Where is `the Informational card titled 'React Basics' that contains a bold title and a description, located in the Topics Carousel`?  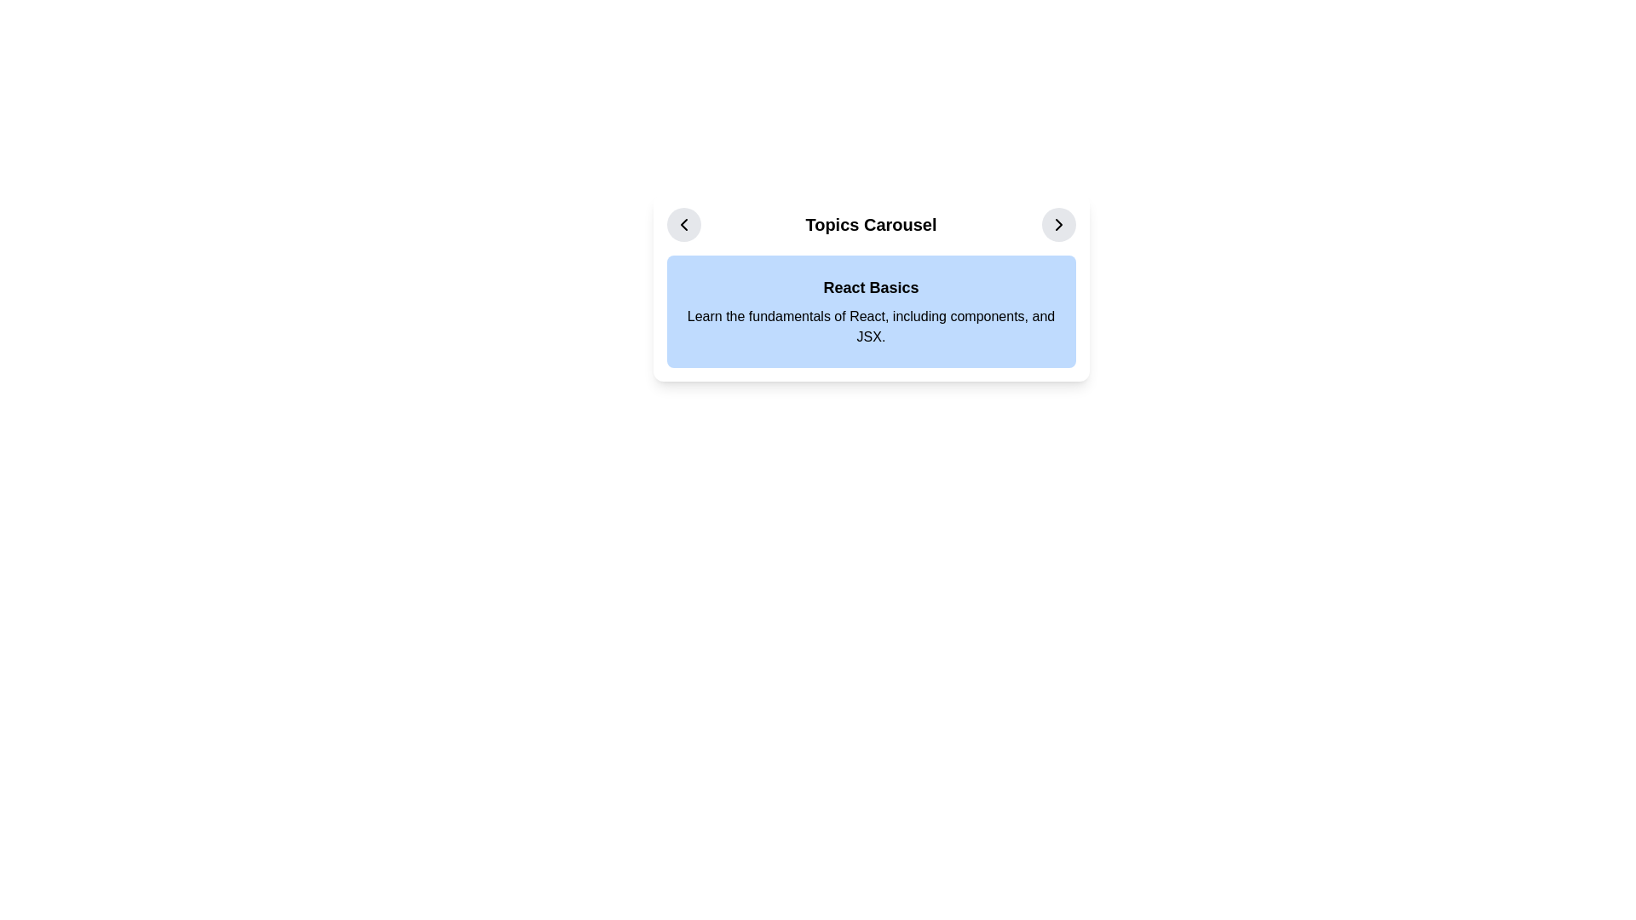 the Informational card titled 'React Basics' that contains a bold title and a description, located in the Topics Carousel is located at coordinates (871, 312).